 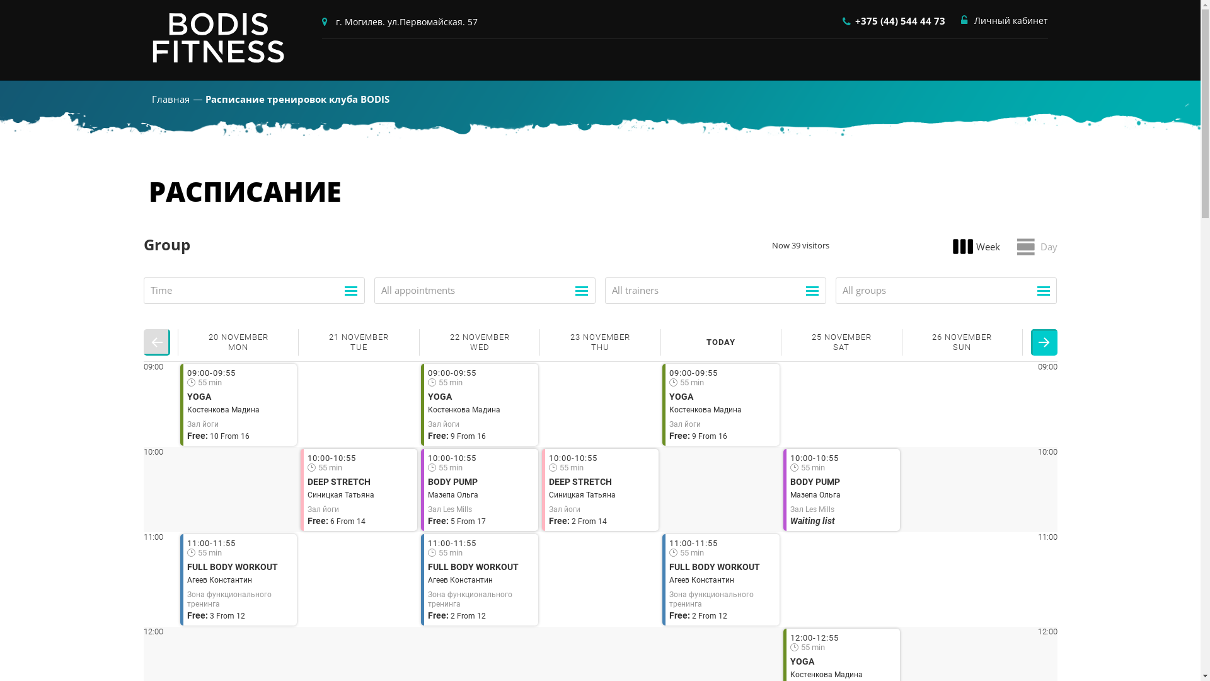 I want to click on 'Next', so click(x=1044, y=342).